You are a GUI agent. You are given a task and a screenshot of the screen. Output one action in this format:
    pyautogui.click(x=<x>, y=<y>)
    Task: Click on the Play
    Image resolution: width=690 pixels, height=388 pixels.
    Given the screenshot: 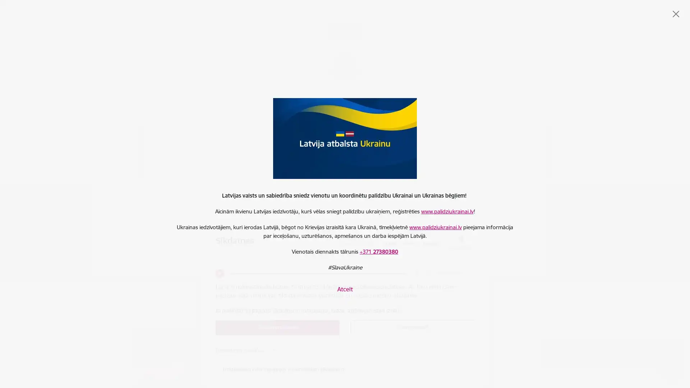 What is the action you would take?
    pyautogui.click(x=219, y=273)
    